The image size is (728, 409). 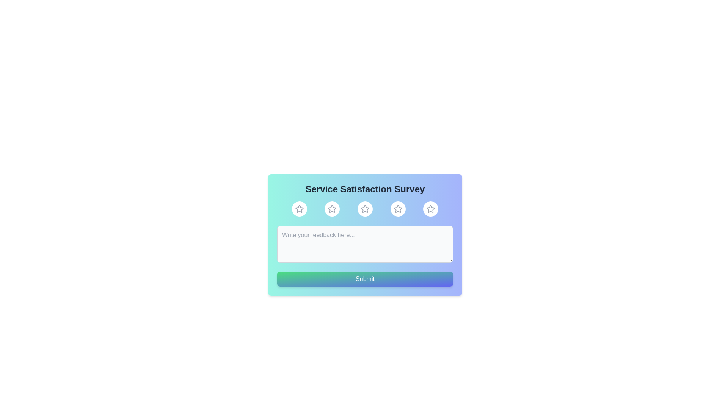 I want to click on the rating to 2 stars by clicking the corresponding star button, so click(x=332, y=209).